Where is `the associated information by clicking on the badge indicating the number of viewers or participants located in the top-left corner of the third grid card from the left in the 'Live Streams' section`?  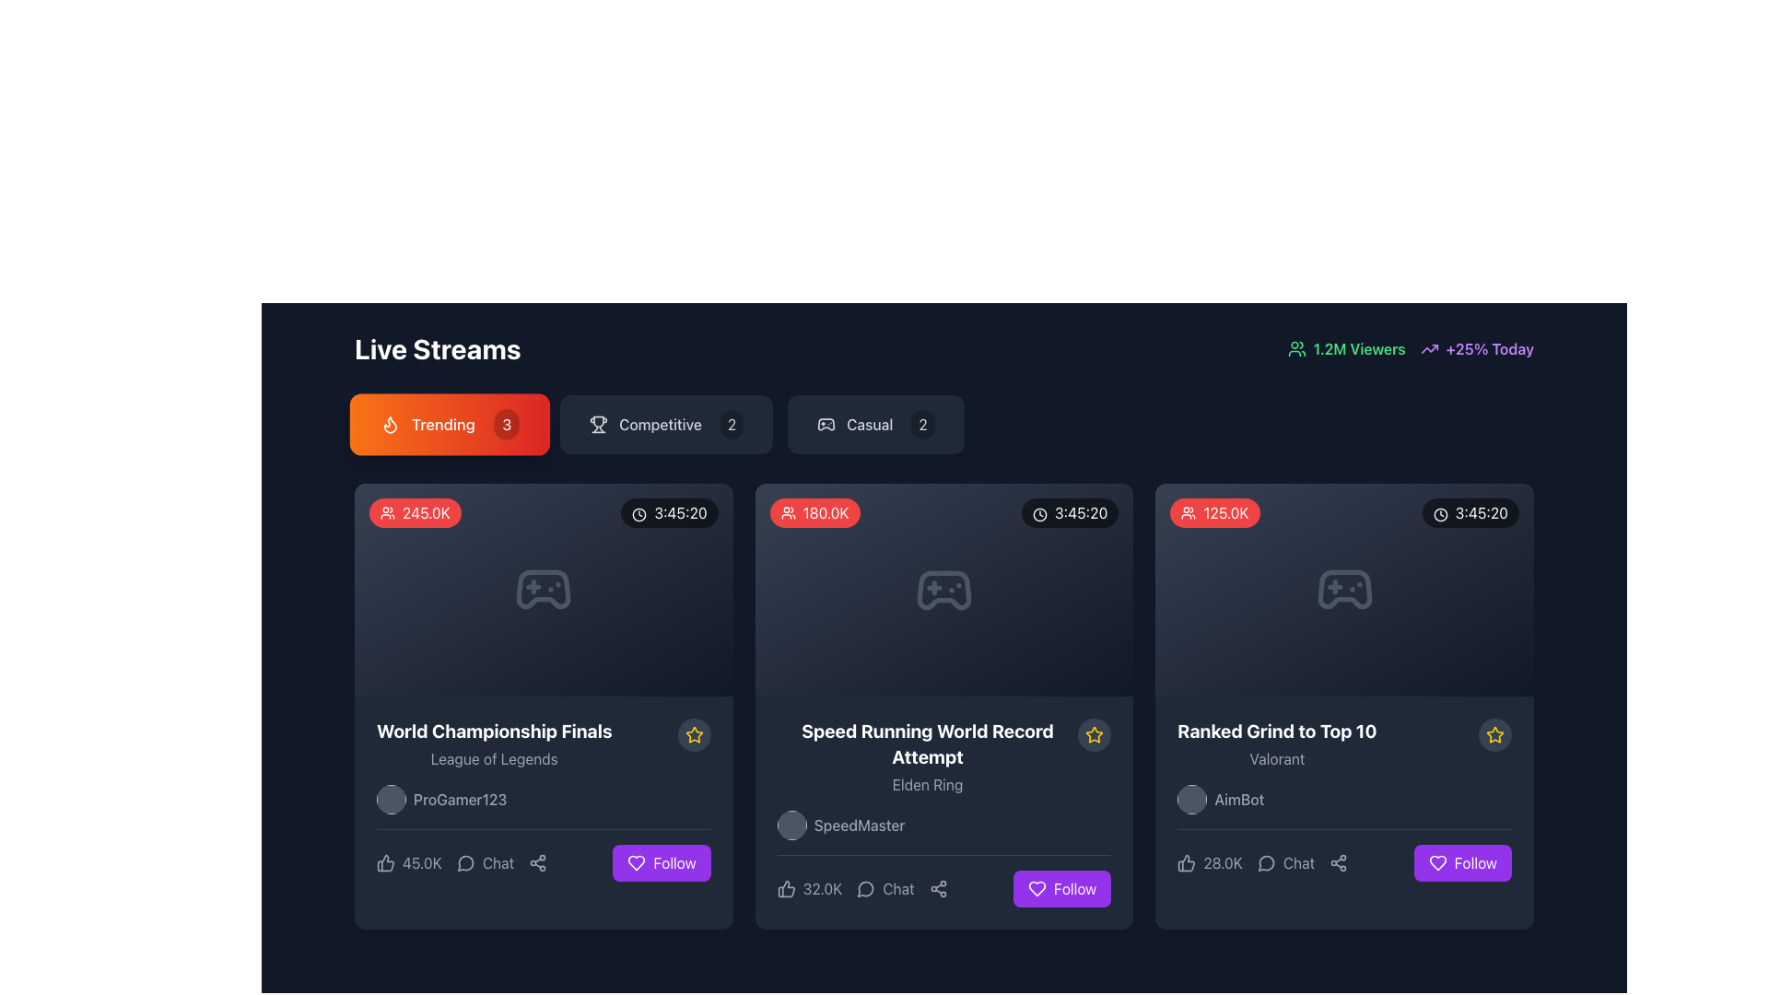 the associated information by clicking on the badge indicating the number of viewers or participants located in the top-left corner of the third grid card from the left in the 'Live Streams' section is located at coordinates (1215, 512).